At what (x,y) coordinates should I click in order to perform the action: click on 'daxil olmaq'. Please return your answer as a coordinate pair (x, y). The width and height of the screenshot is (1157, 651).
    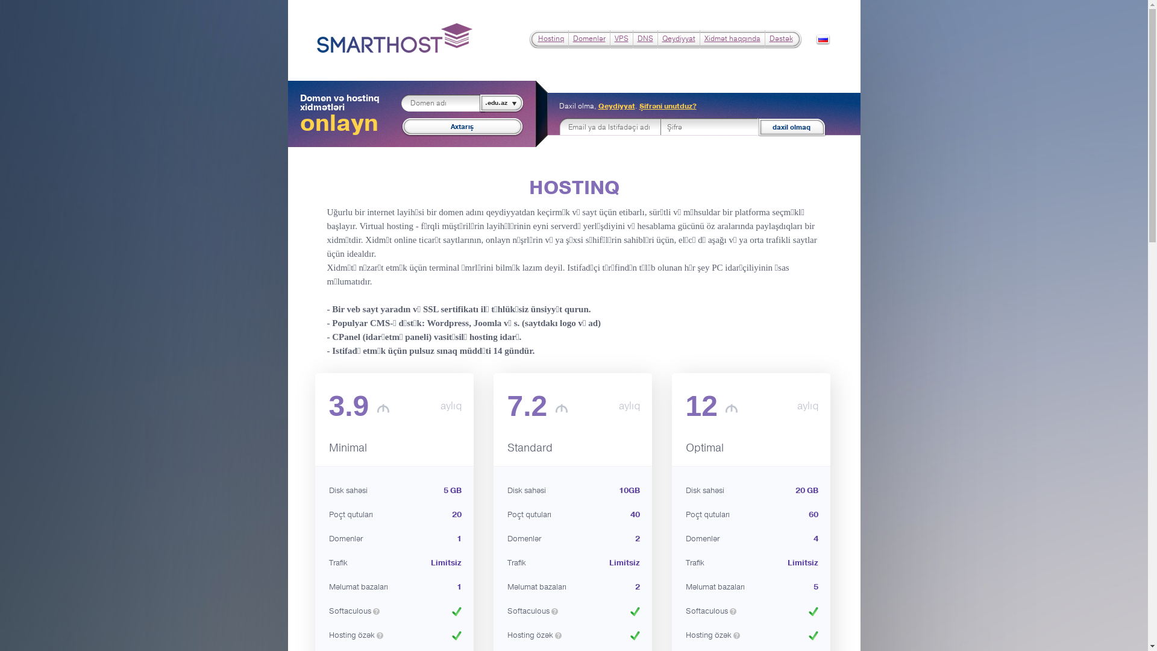
    Looking at the image, I should click on (789, 127).